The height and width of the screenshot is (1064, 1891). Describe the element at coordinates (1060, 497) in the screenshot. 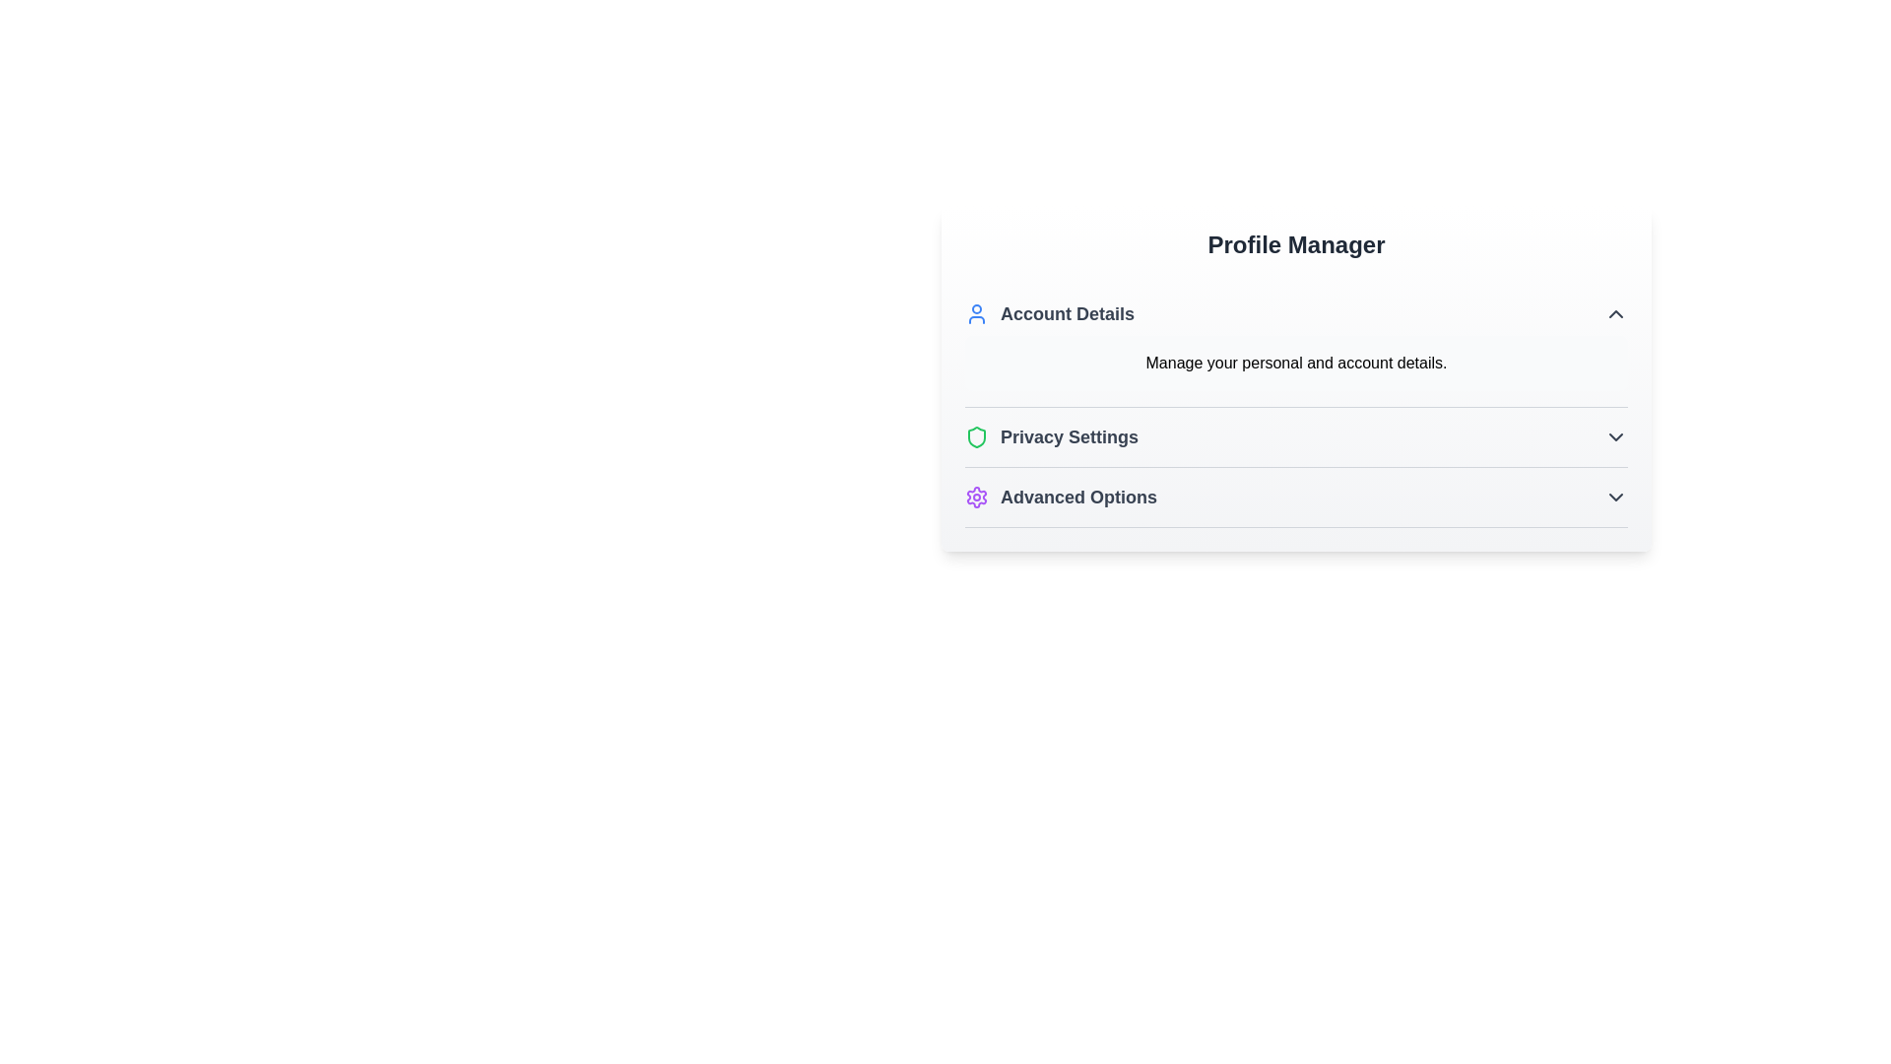

I see `the third list item under the 'Profile Manager' section, which contains an icon and text` at that location.